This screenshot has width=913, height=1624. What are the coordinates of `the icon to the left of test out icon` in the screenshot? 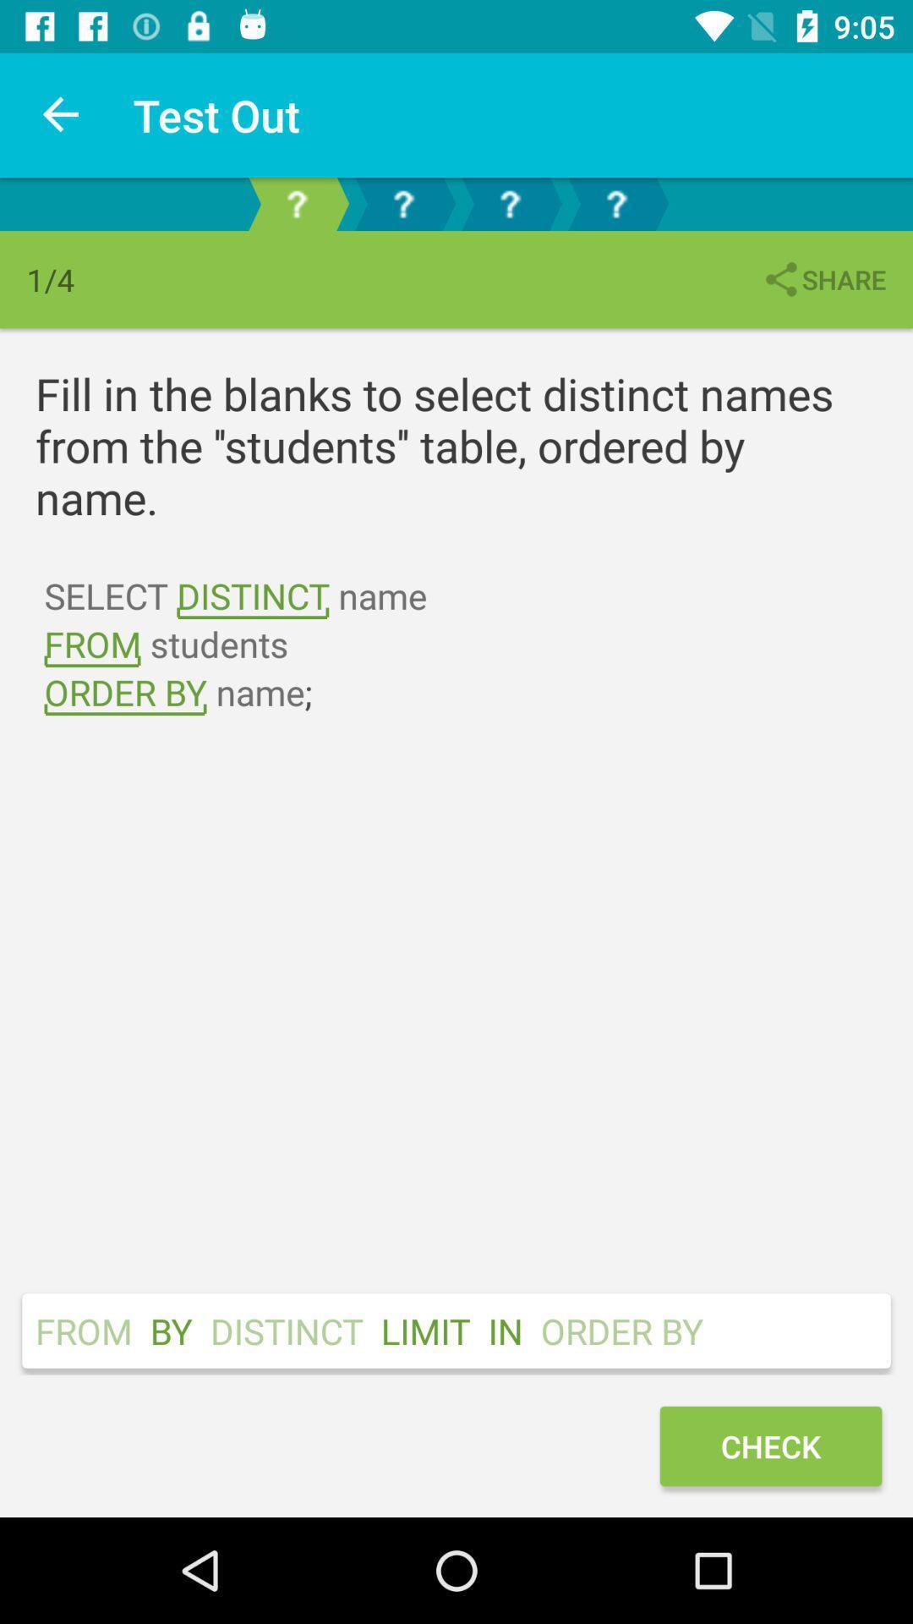 It's located at (61, 114).